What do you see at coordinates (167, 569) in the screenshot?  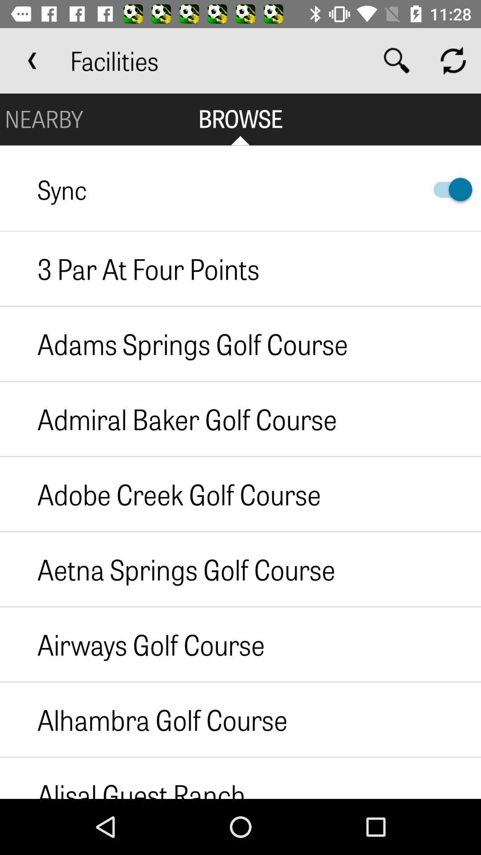 I see `the item above the airways golf course icon` at bounding box center [167, 569].